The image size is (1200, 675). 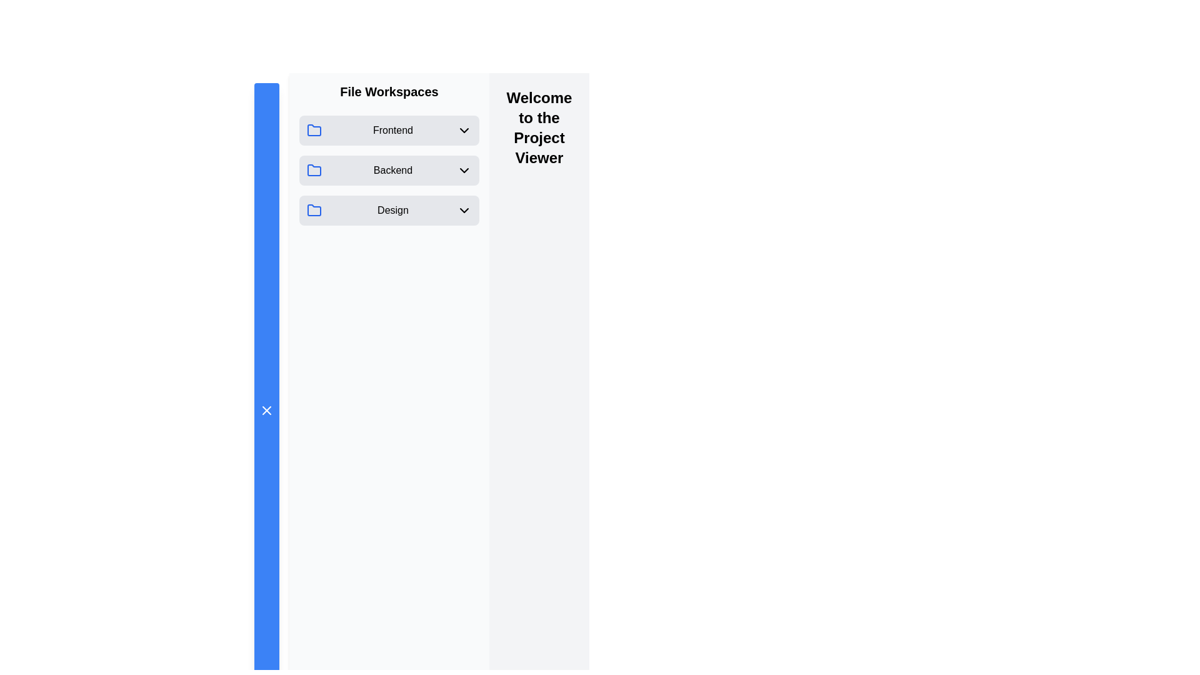 I want to click on text from the title or header Text block located in the right column of the interface, aligned near its top, so click(x=539, y=127).